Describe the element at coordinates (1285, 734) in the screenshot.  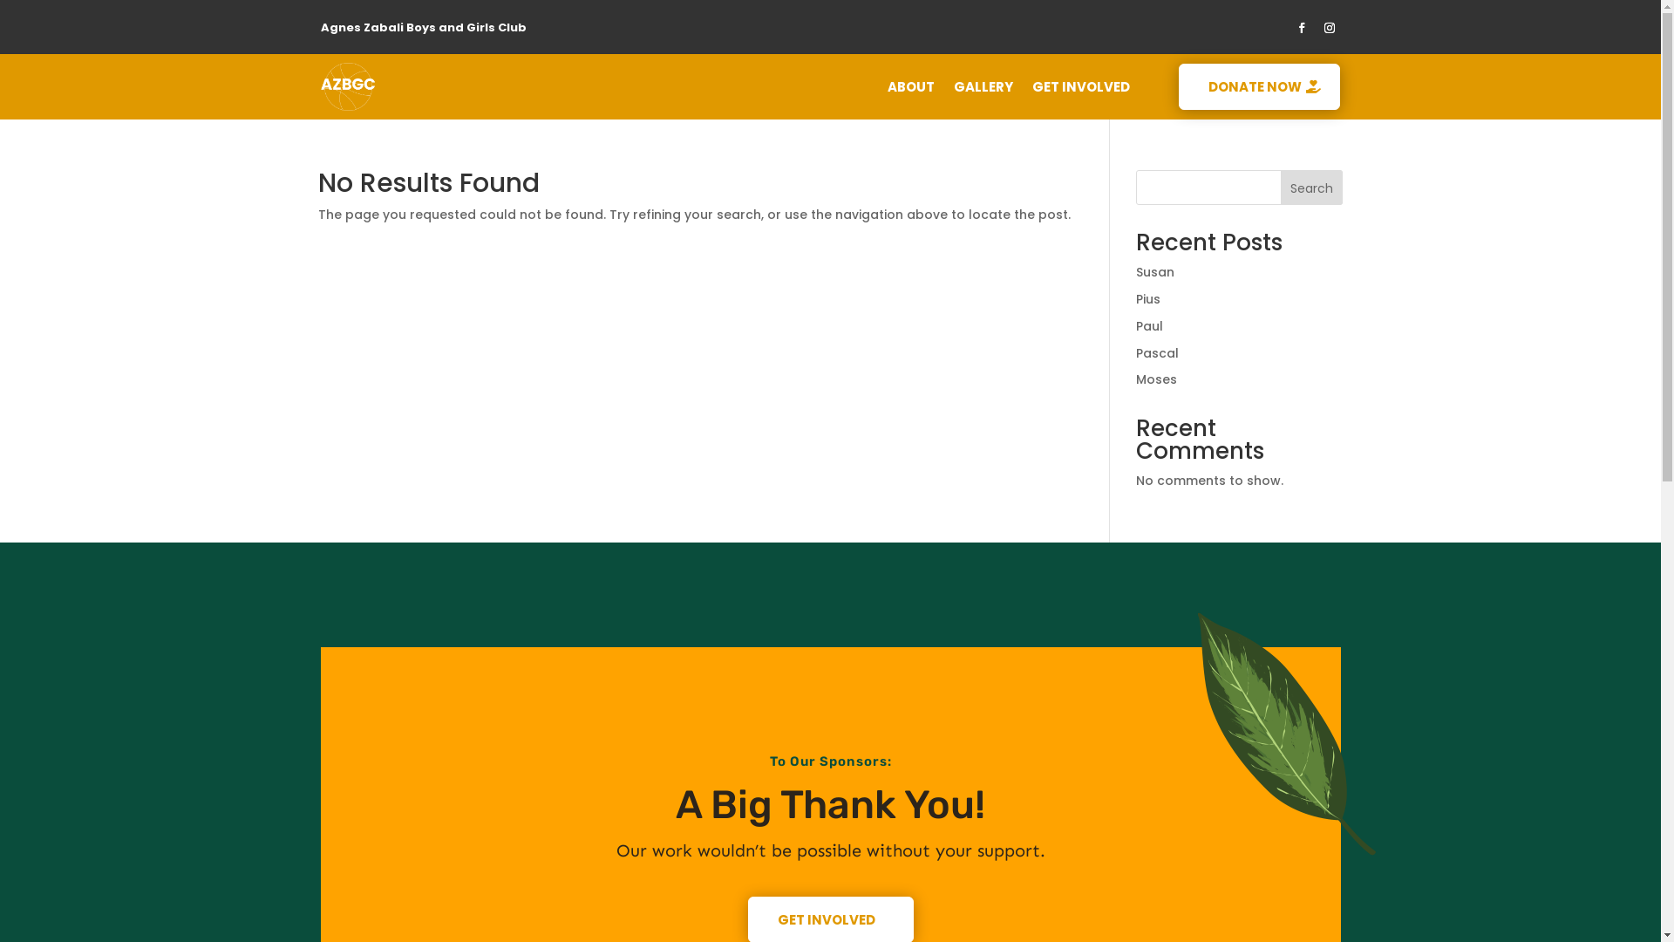
I see `'AZBGC Leaf'` at that location.